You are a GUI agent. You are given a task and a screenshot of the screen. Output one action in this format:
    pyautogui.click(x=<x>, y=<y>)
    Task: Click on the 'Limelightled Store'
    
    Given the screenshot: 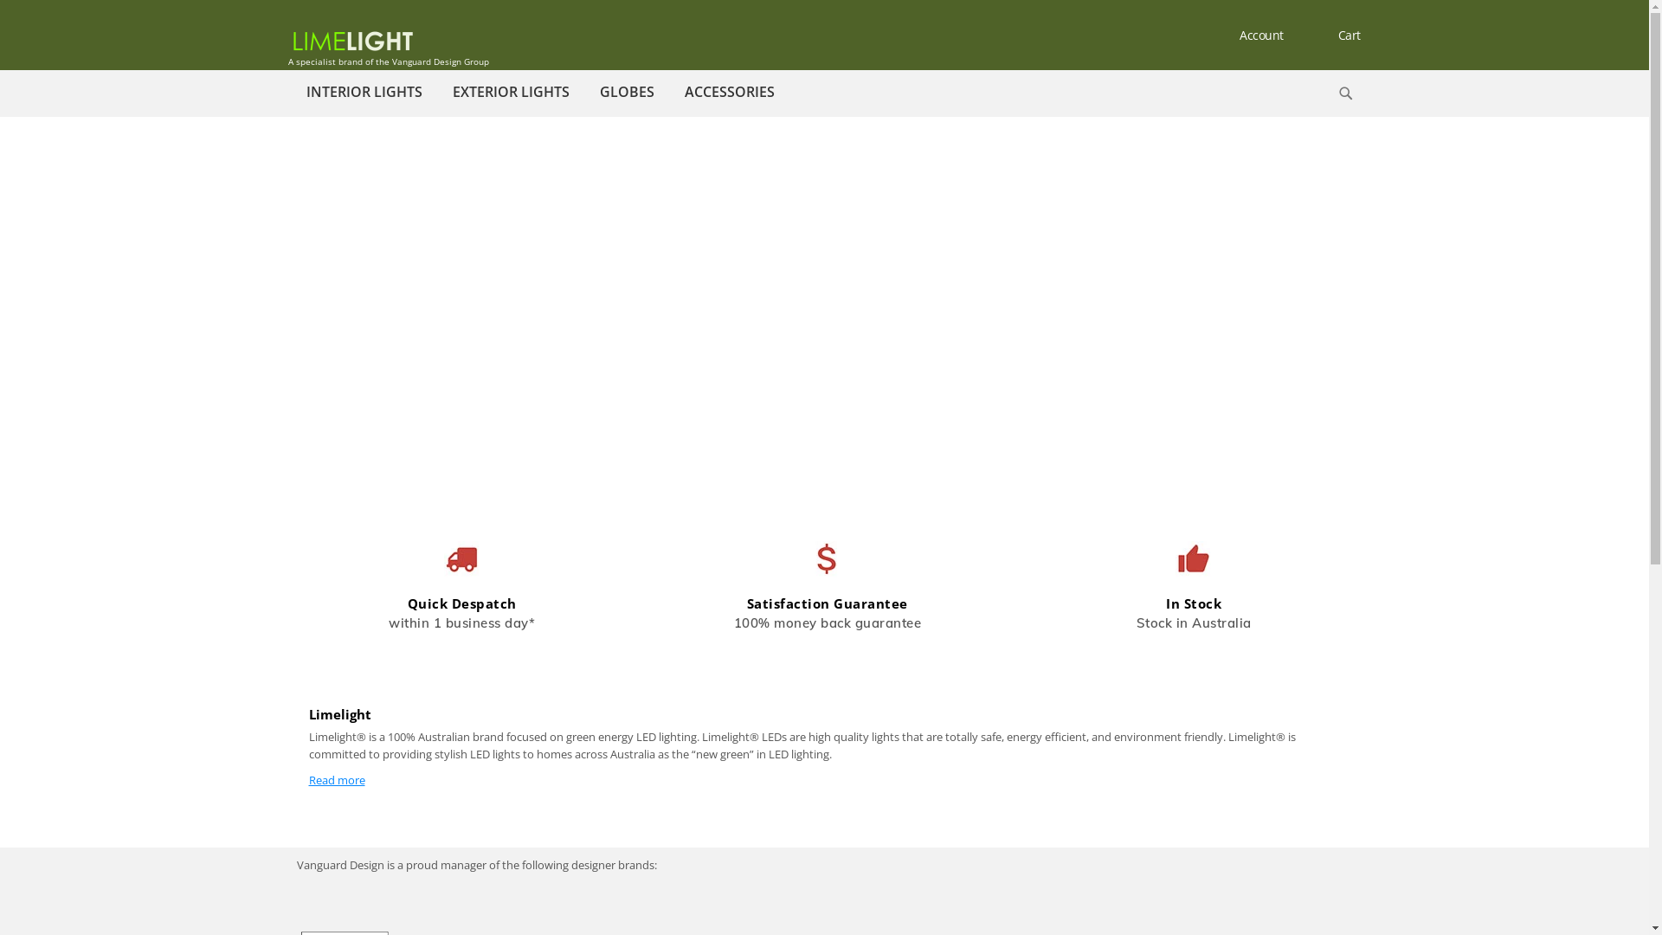 What is the action you would take?
    pyautogui.click(x=351, y=39)
    